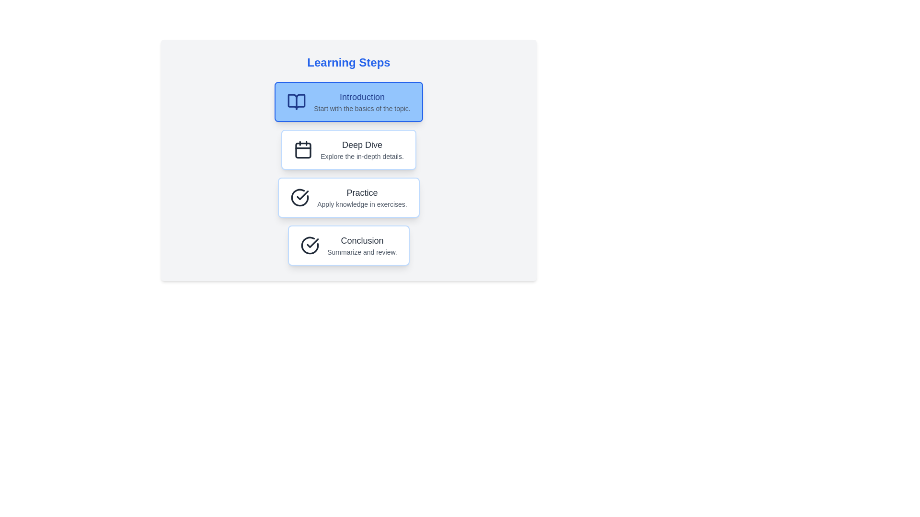 Image resolution: width=920 pixels, height=517 pixels. What do you see at coordinates (361, 97) in the screenshot?
I see `the text label that serves as the title for the first section in the 'Learning Steps' action cards` at bounding box center [361, 97].